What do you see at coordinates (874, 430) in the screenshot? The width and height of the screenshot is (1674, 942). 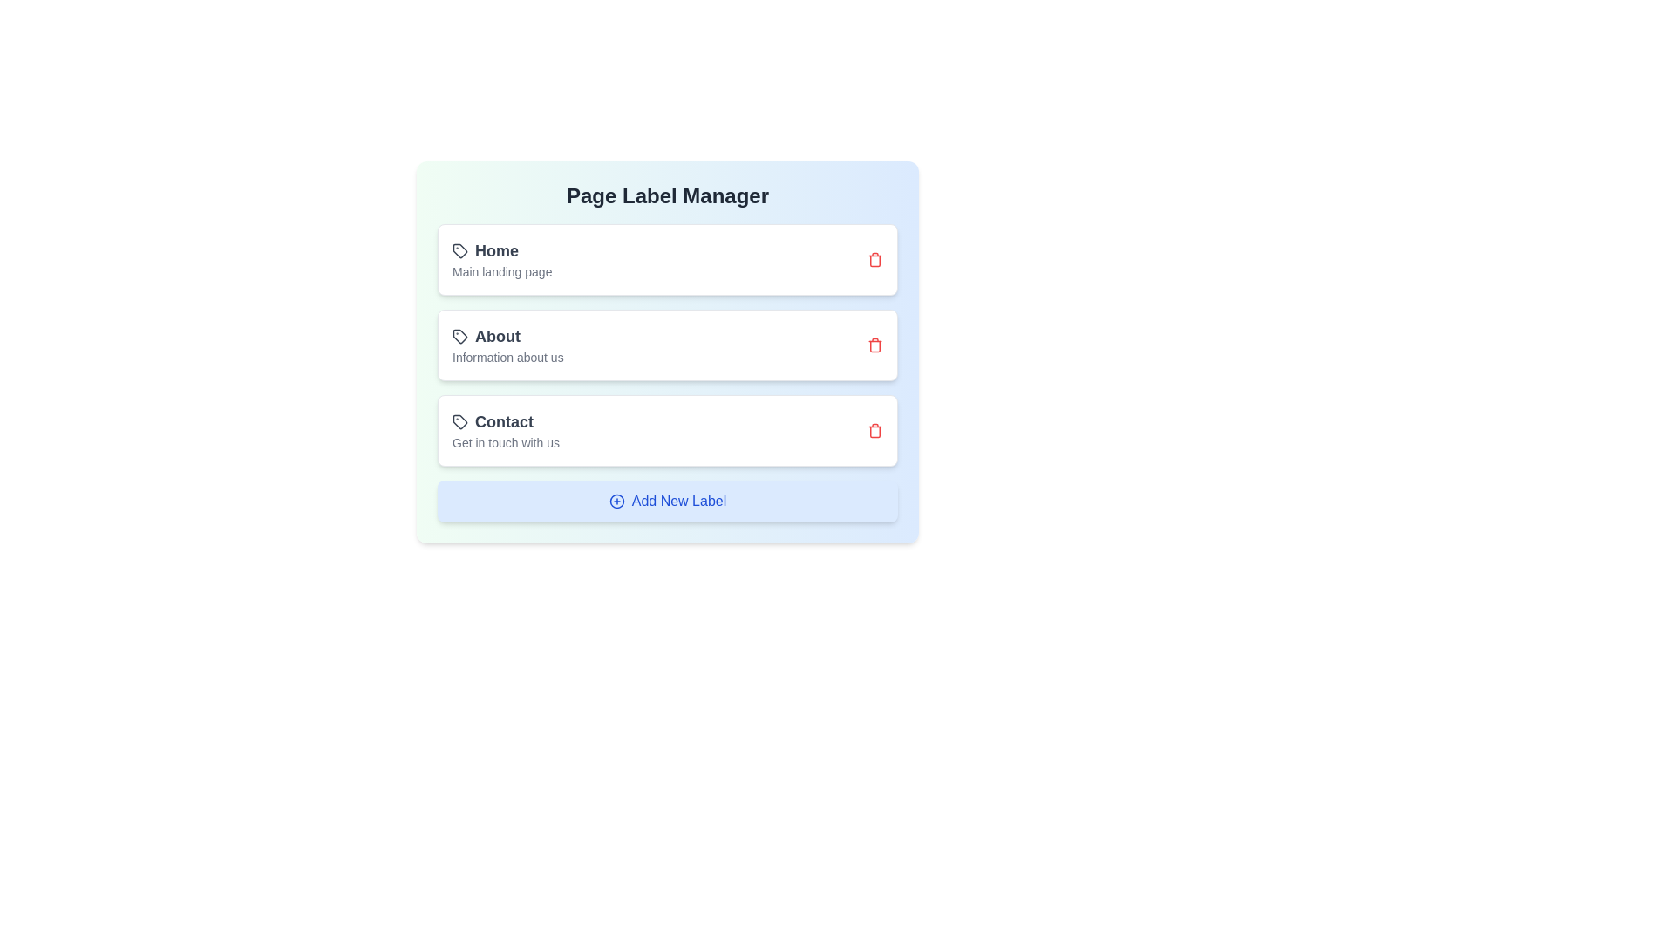 I see `the delete button for the label with text Contact` at bounding box center [874, 430].